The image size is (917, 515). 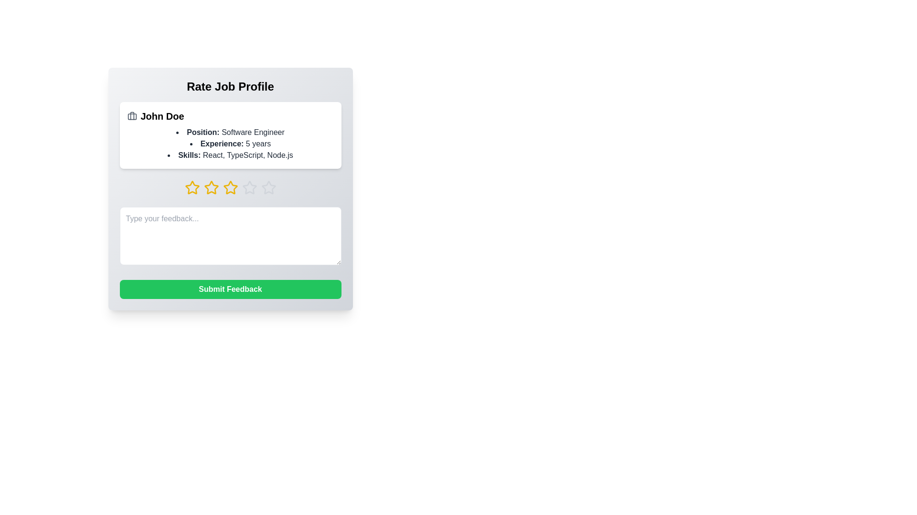 I want to click on the fifth star in the horizontal row of stars, so click(x=268, y=187).